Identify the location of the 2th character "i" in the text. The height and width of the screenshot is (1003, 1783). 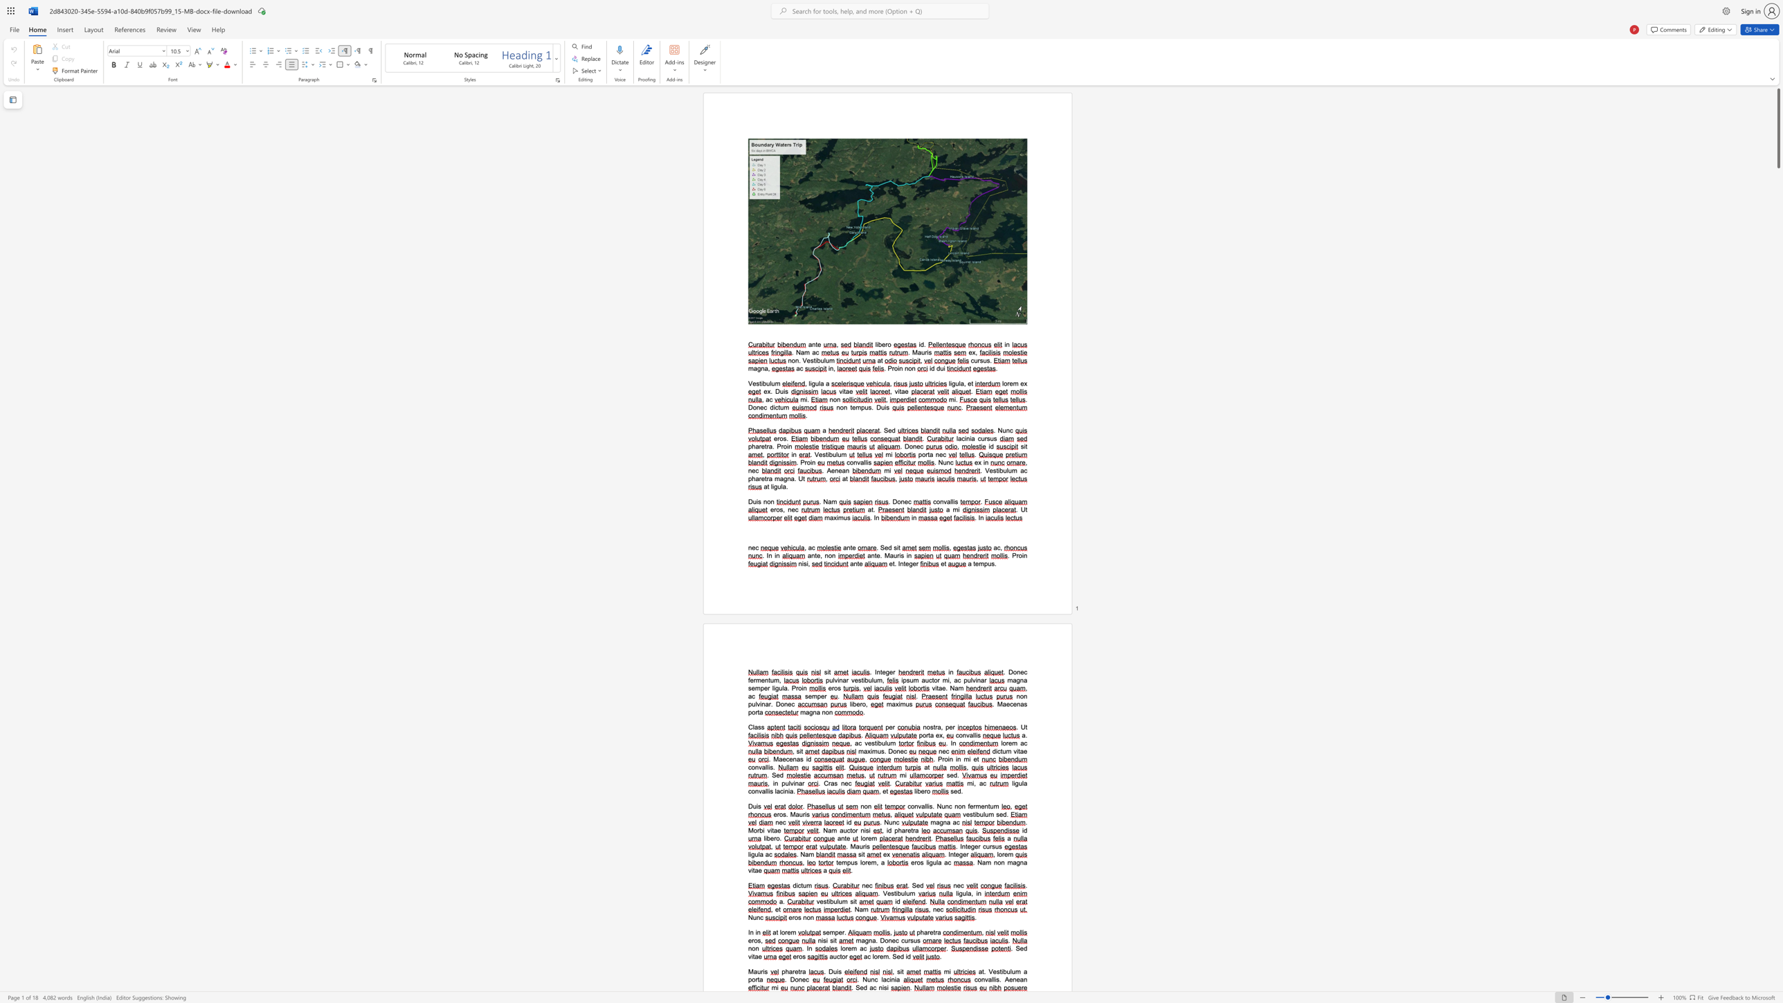
(887, 987).